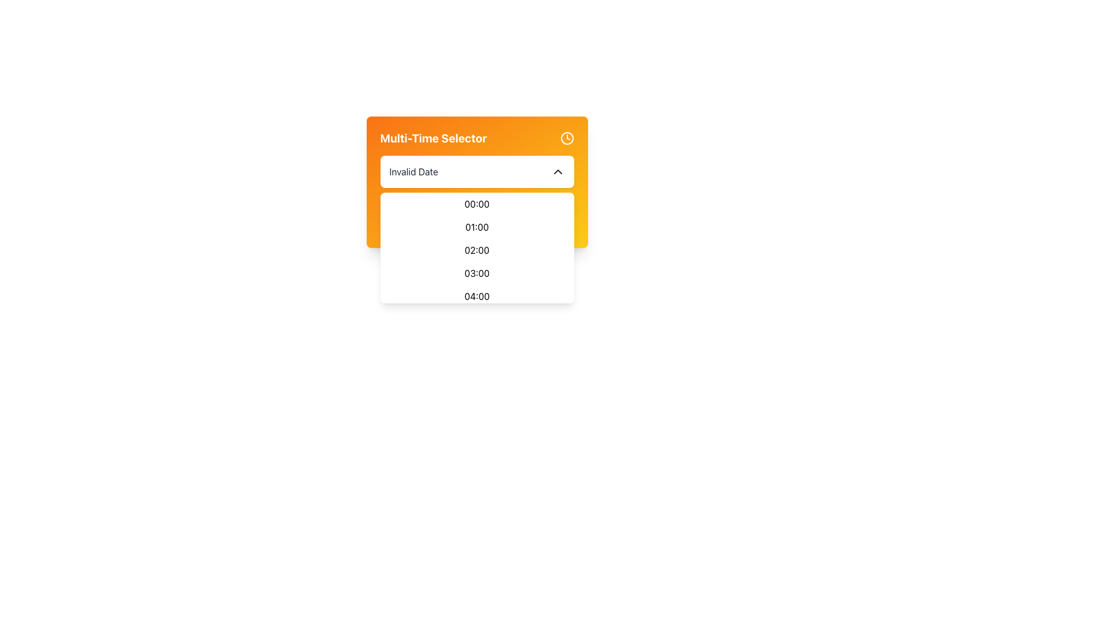 The image size is (1107, 623). I want to click on to select the time option '04:00' from the fifth item in the dropdown menu under the 'Multi-Time Selector' header, so click(477, 295).